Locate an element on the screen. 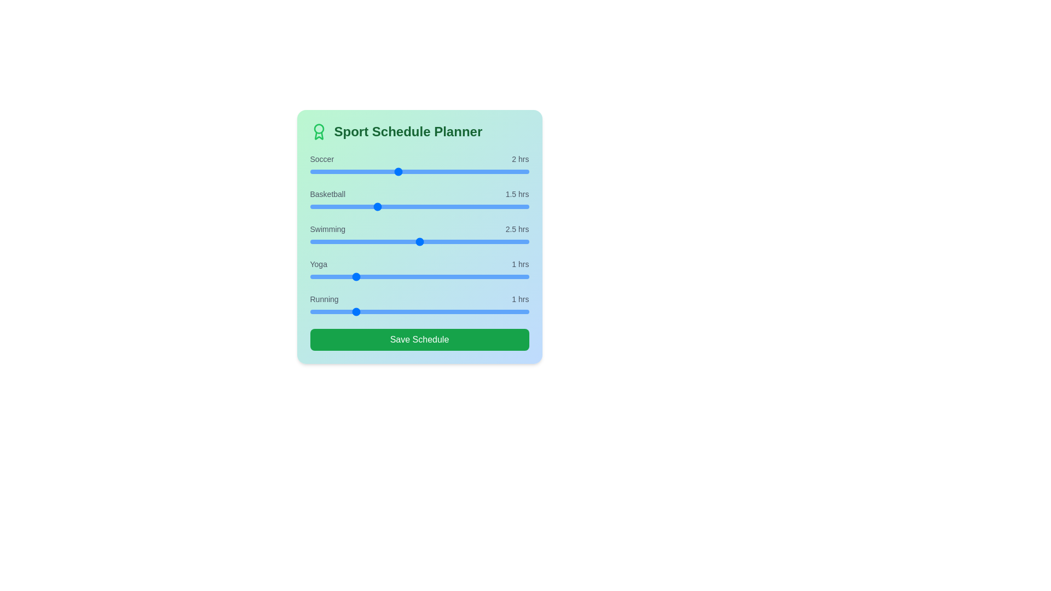 The height and width of the screenshot is (591, 1051). the Basketball slider to 1 hours is located at coordinates (354, 207).